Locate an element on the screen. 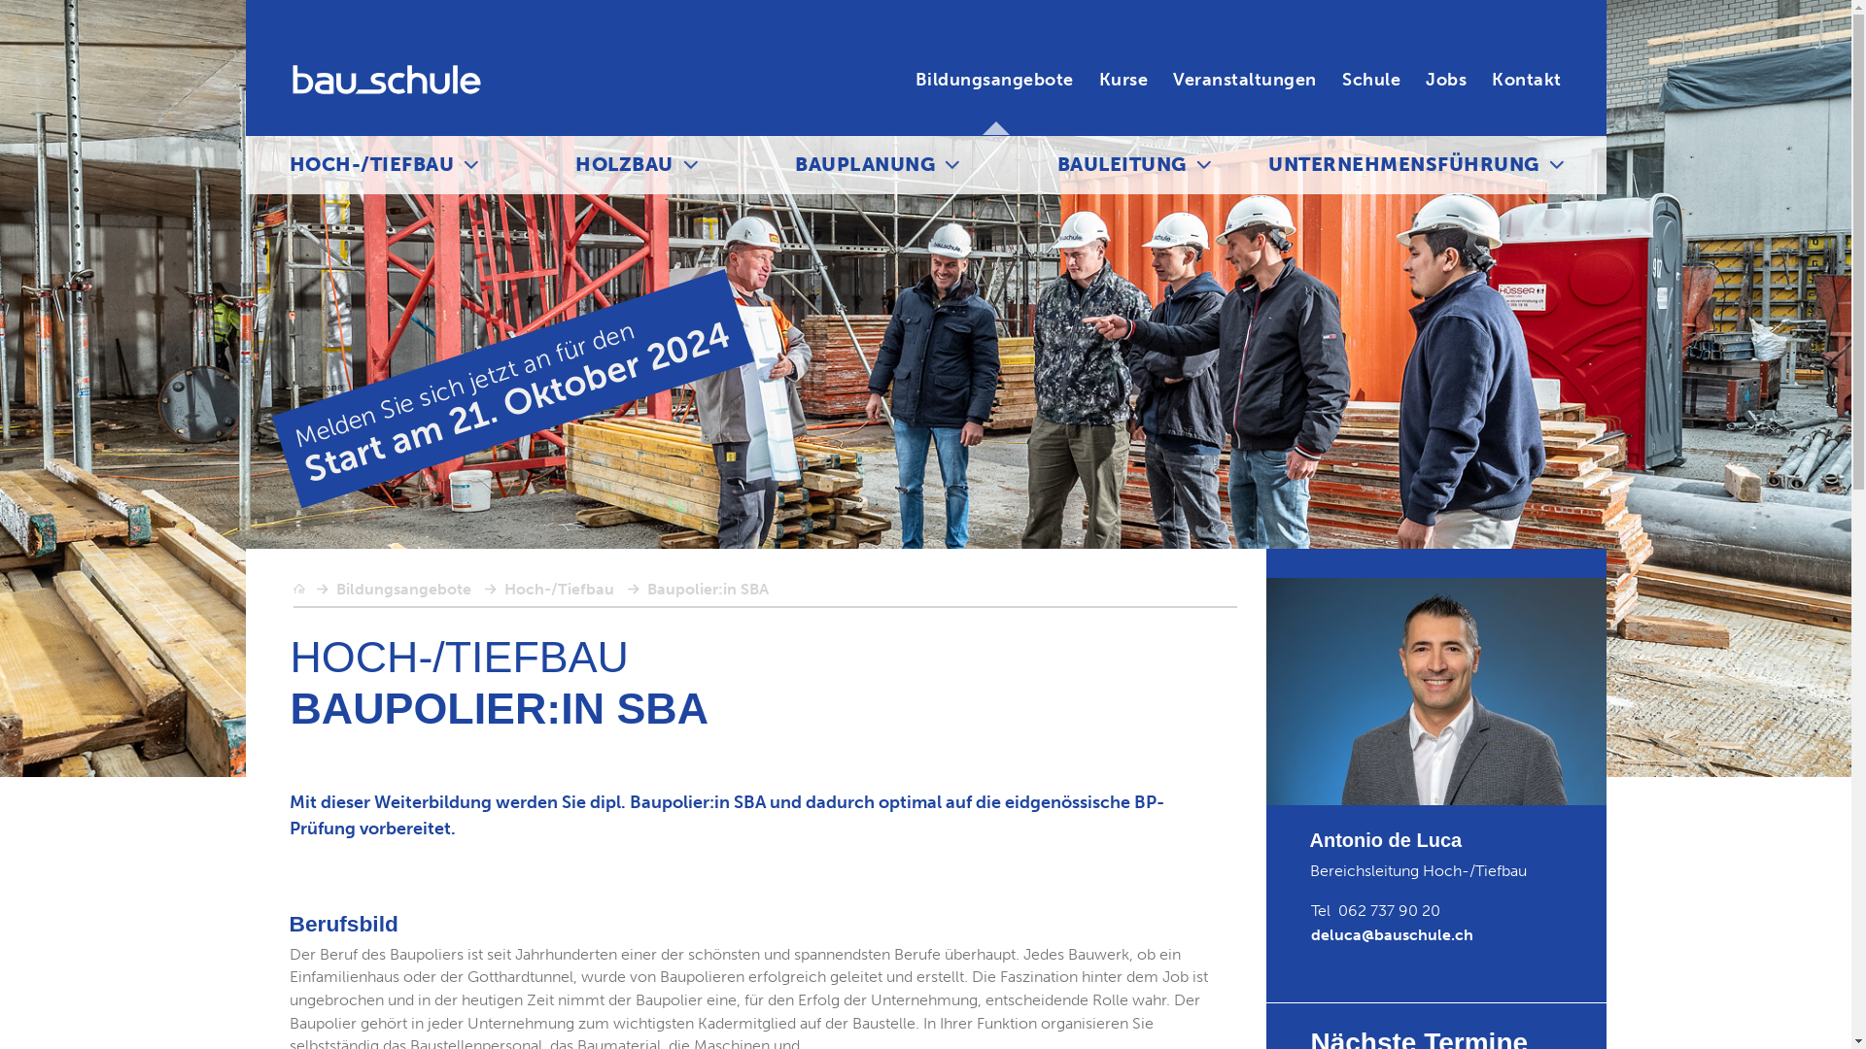 The height and width of the screenshot is (1049, 1866). 'Kurse' is located at coordinates (1099, 79).